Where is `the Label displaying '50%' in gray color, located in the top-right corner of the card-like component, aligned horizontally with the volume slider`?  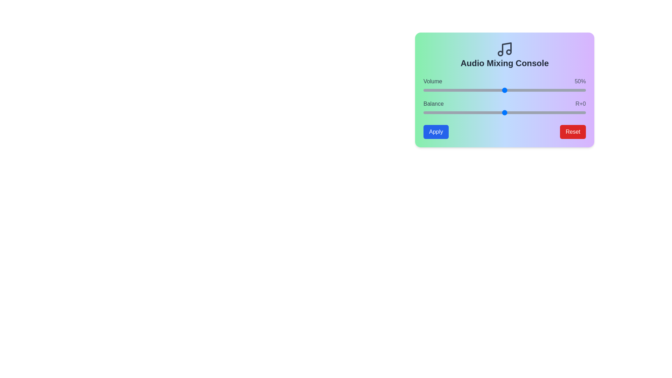
the Label displaying '50%' in gray color, located in the top-right corner of the card-like component, aligned horizontally with the volume slider is located at coordinates (580, 81).